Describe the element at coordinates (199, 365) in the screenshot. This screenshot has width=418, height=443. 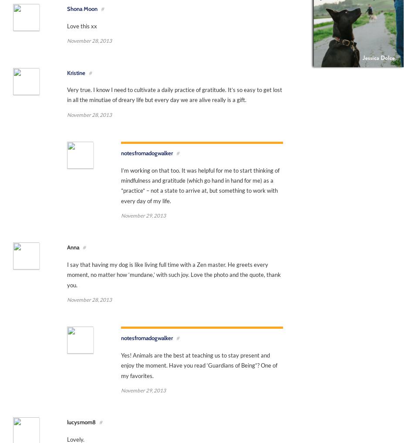
I see `'Yes! Animals are the best at teaching us to stay present and enjoy the moment. Have you read ‘Guardians of Being”? One of my favorites.'` at that location.